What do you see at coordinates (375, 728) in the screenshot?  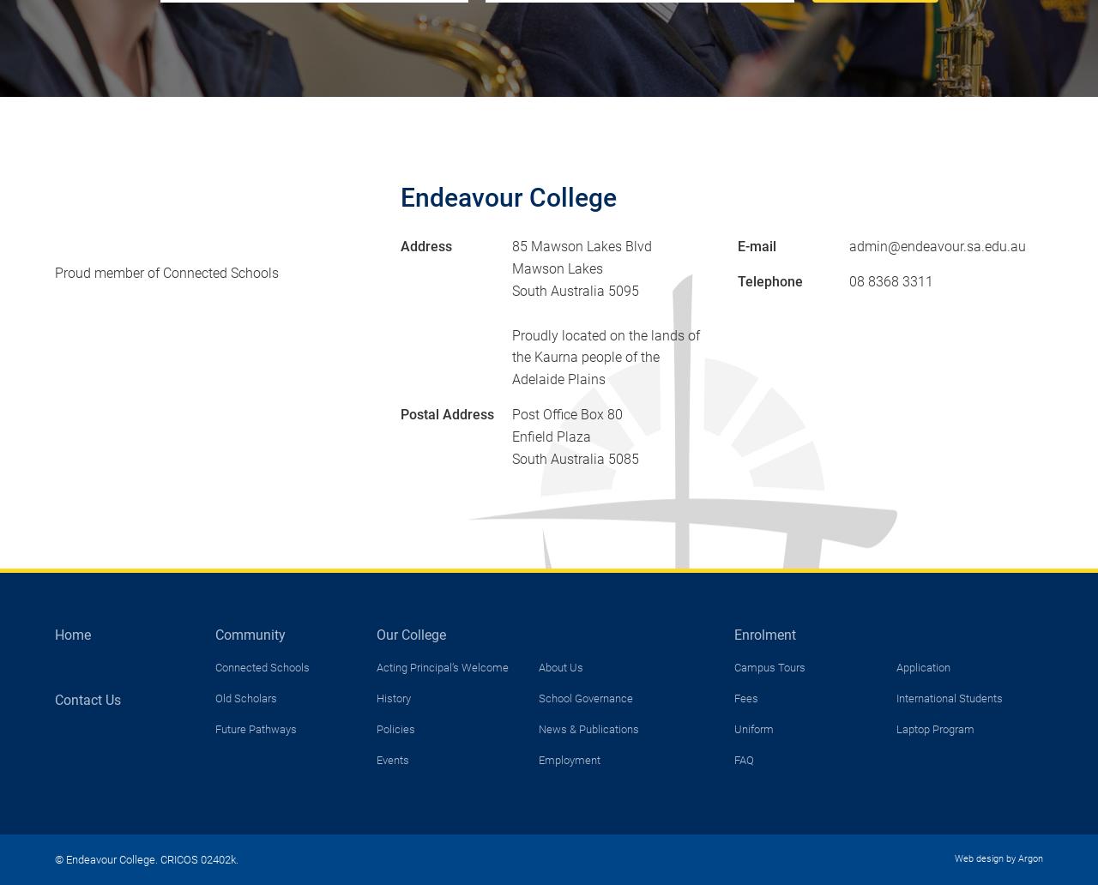 I see `'Policies'` at bounding box center [375, 728].